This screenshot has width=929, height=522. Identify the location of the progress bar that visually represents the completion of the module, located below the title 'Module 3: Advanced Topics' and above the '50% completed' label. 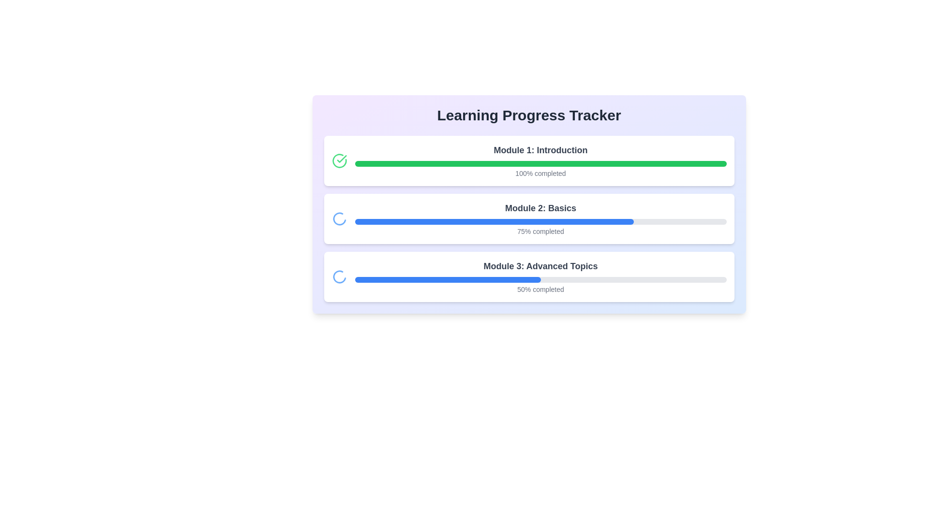
(540, 279).